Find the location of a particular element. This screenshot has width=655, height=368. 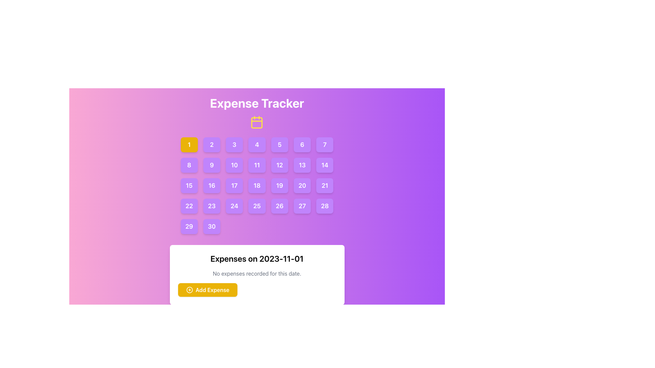

the calendar date button for the 12th day of the displayed month located in the second row, fifth column of the calendar interface is located at coordinates (279, 165).